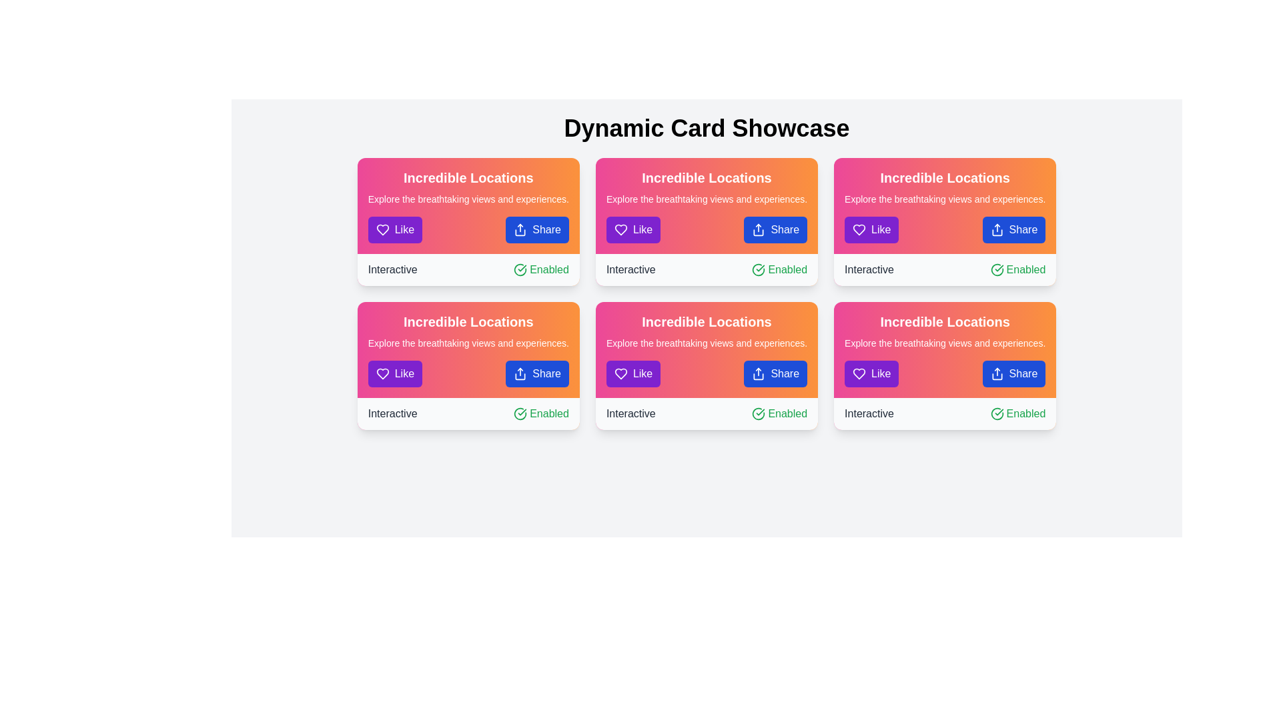  Describe the element at coordinates (869, 413) in the screenshot. I see `the 'Interactive' Text Label located in the lower section of the last card in the second row of the card grid, which provides static, informative text to the user` at that location.